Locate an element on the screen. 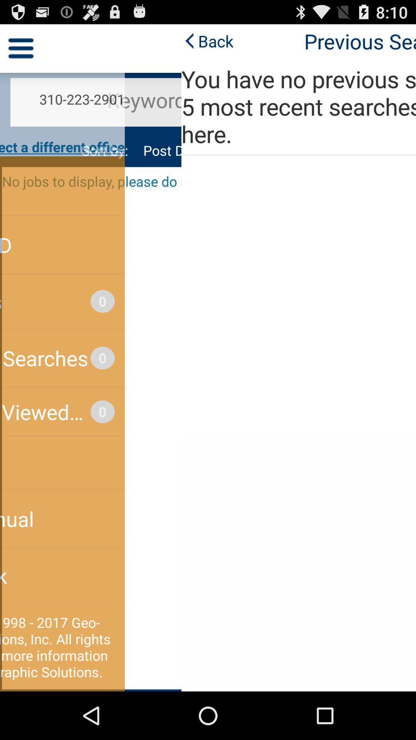 The image size is (416, 740). icon next to previous searches is located at coordinates (25, 40).